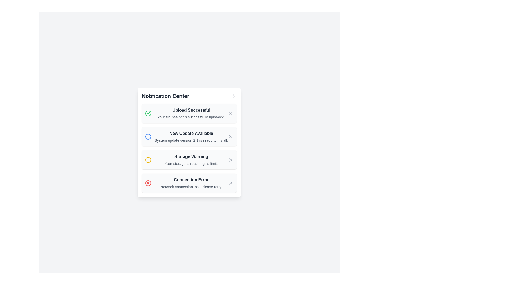 This screenshot has height=285, width=508. I want to click on the dismiss or close icon located on the right side of the 'Connection Error' notification entry, so click(230, 183).